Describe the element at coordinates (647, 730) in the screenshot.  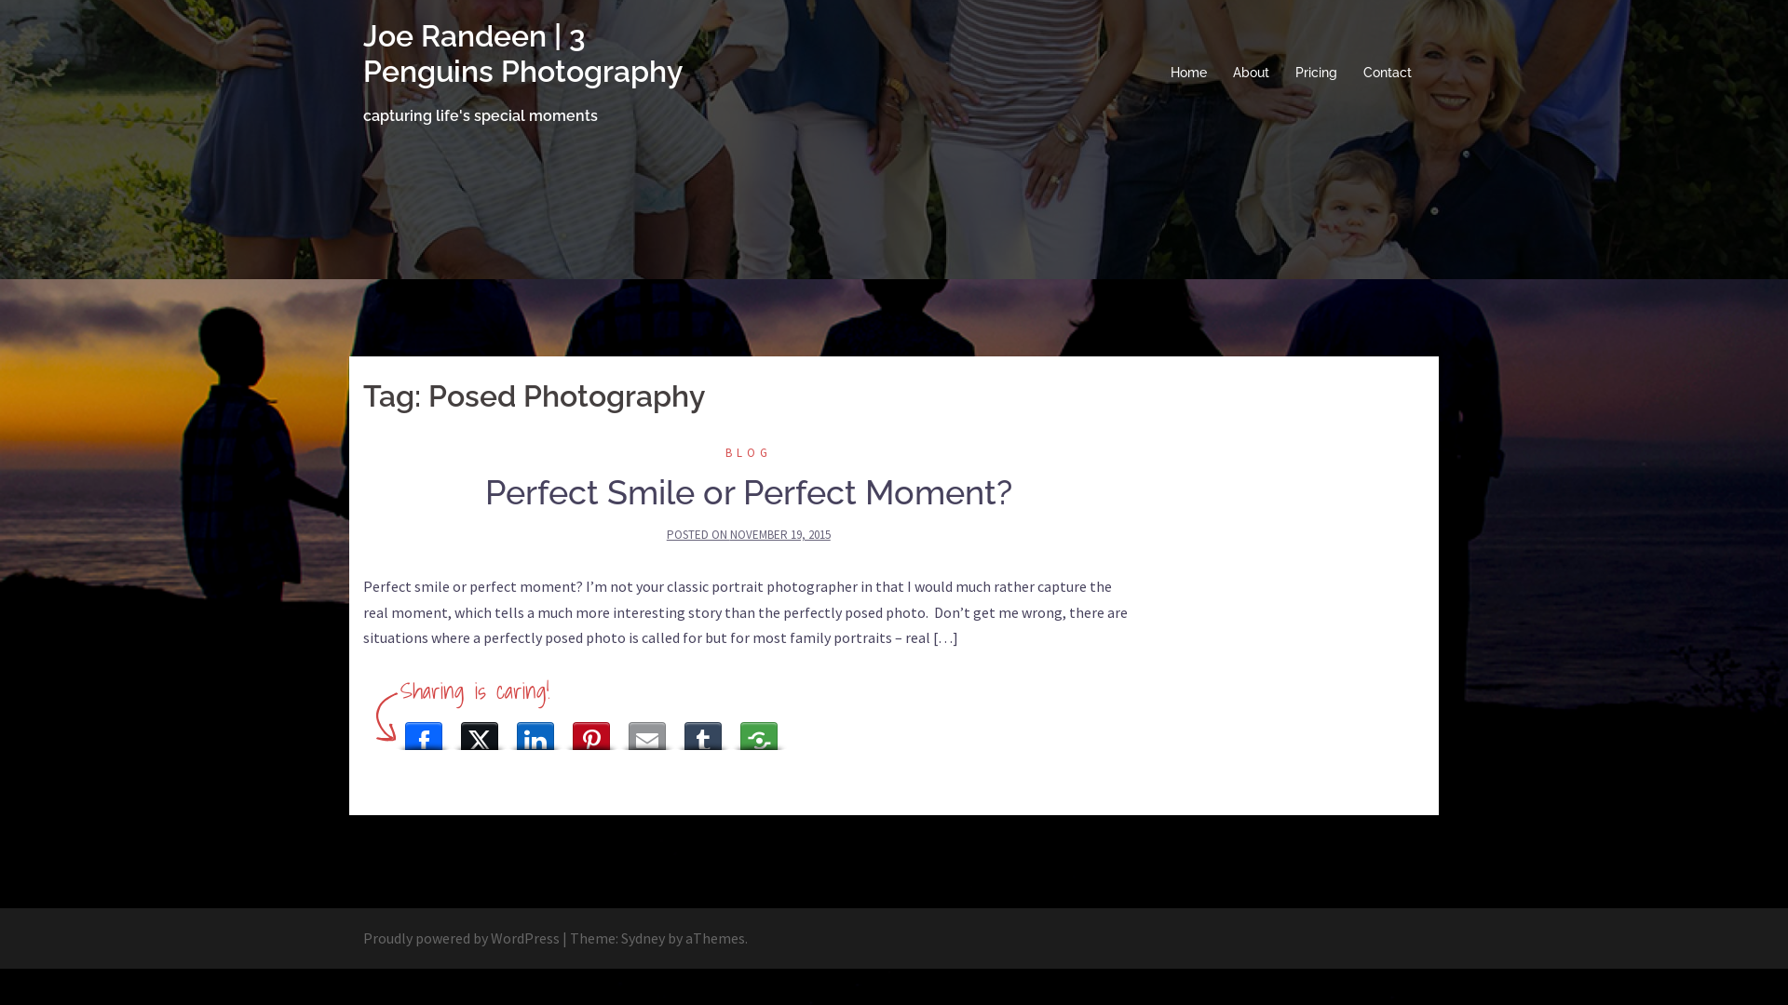
I see `'Email This'` at that location.